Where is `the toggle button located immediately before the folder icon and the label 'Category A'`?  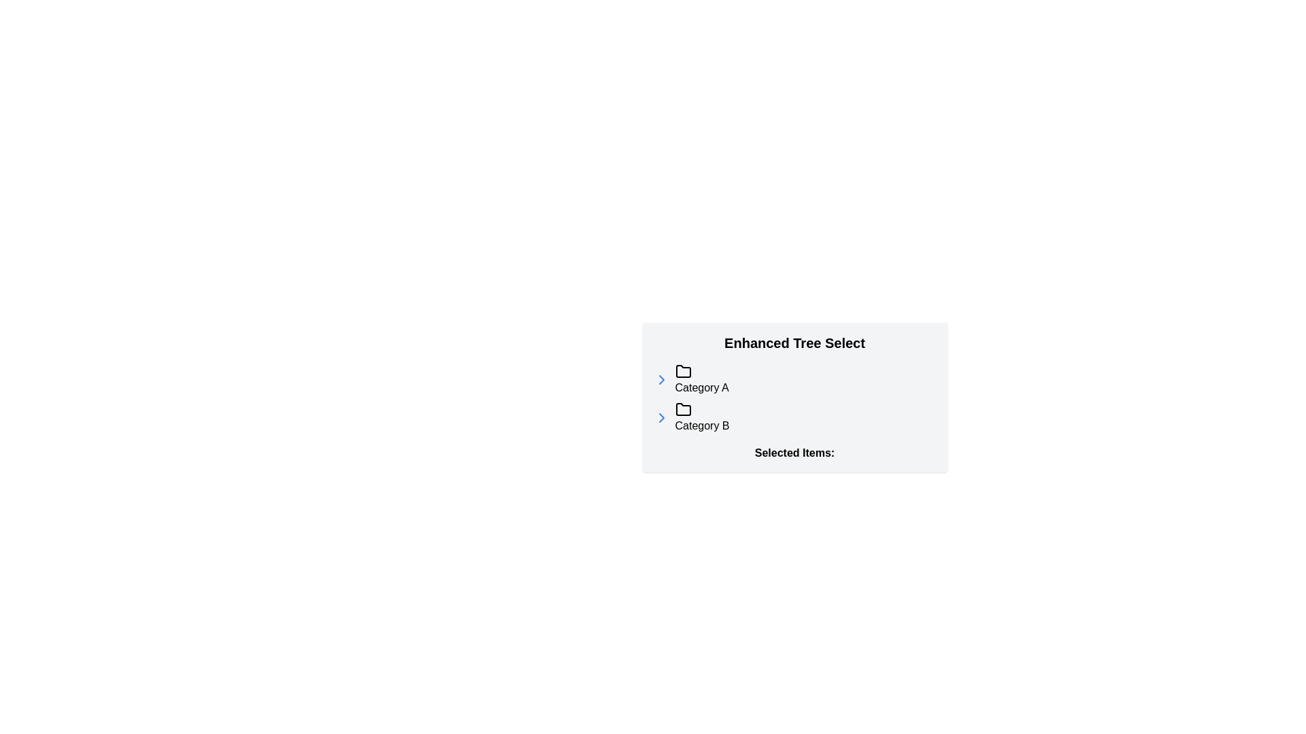 the toggle button located immediately before the folder icon and the label 'Category A' is located at coordinates (661, 380).